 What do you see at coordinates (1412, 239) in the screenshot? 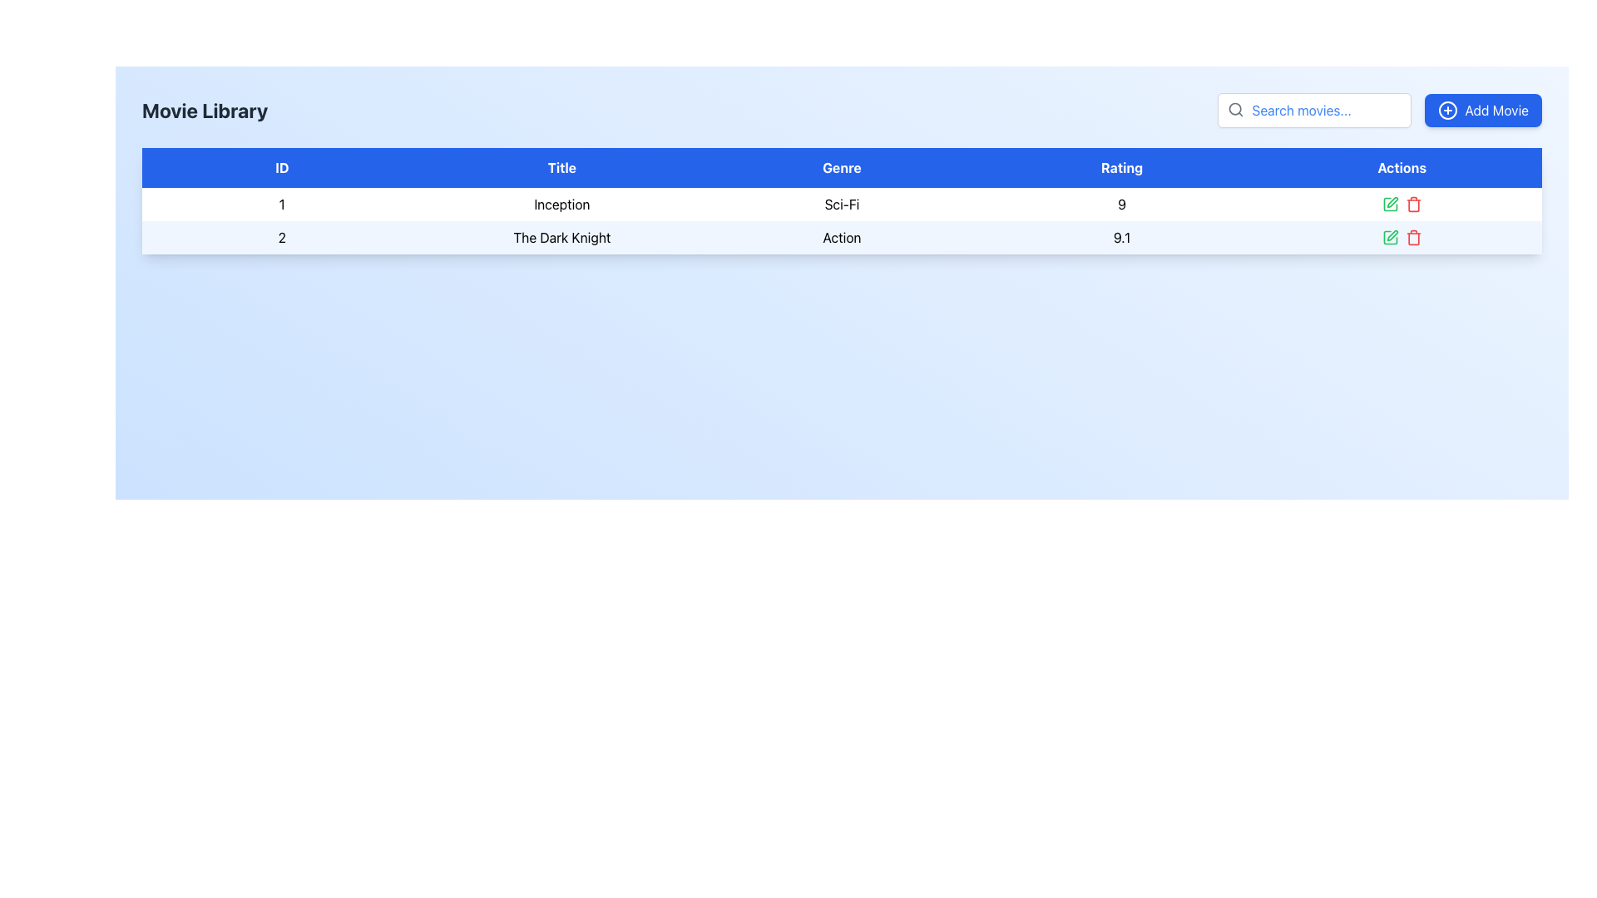
I see `the graphical icon representing the delete action in the second row of the table under the 'Actions' header` at bounding box center [1412, 239].